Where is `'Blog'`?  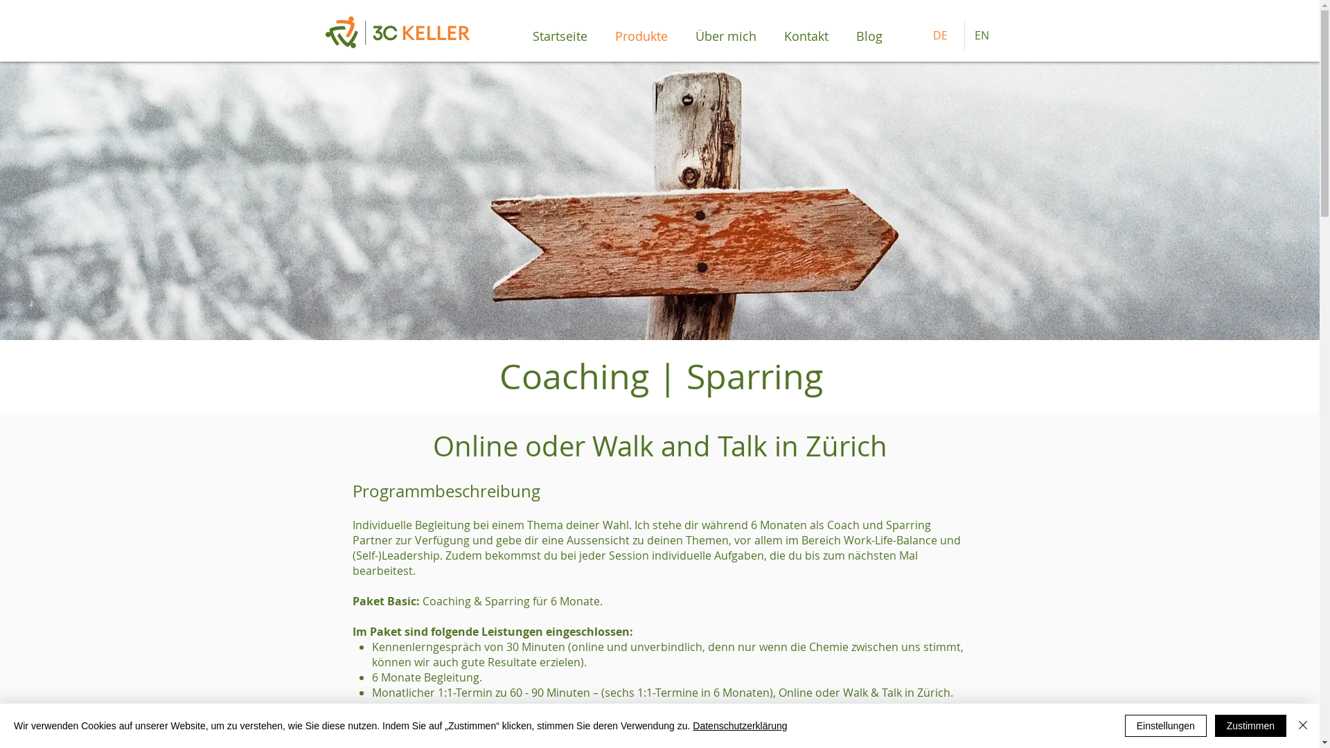
'Blog' is located at coordinates (868, 35).